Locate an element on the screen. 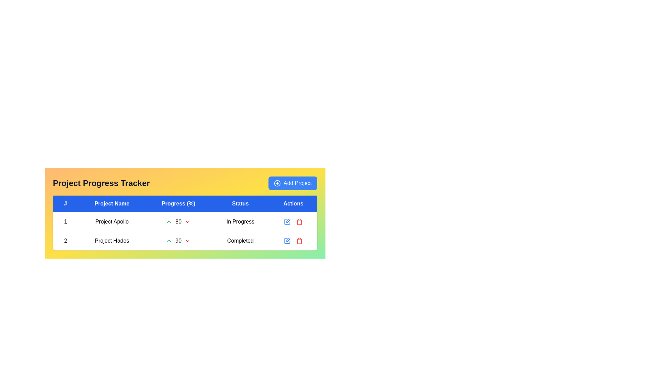 This screenshot has height=368, width=655. the interactive elements within the data table rows, such as editing or deleting actions, which display progress information for multiple projects is located at coordinates (185, 225).